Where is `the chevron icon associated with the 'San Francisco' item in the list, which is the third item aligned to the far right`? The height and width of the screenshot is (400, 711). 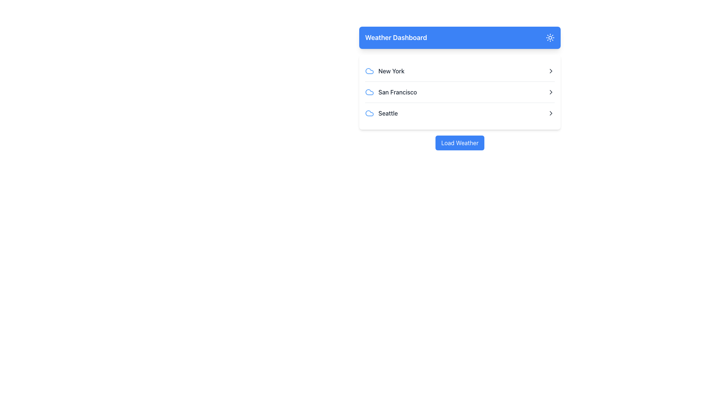
the chevron icon associated with the 'San Francisco' item in the list, which is the third item aligned to the far right is located at coordinates (551, 92).